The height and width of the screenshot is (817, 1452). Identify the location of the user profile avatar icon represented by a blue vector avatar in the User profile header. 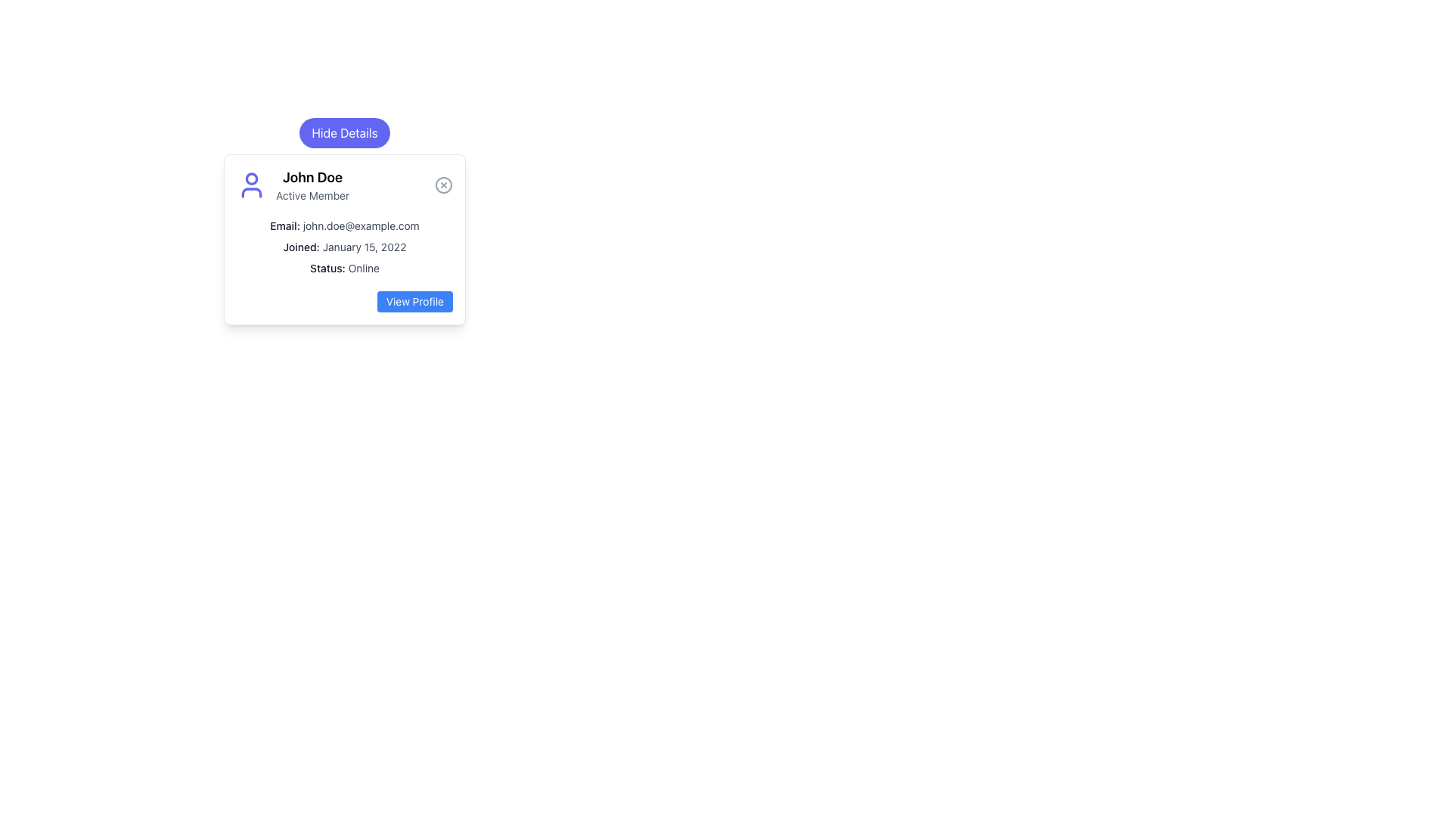
(344, 185).